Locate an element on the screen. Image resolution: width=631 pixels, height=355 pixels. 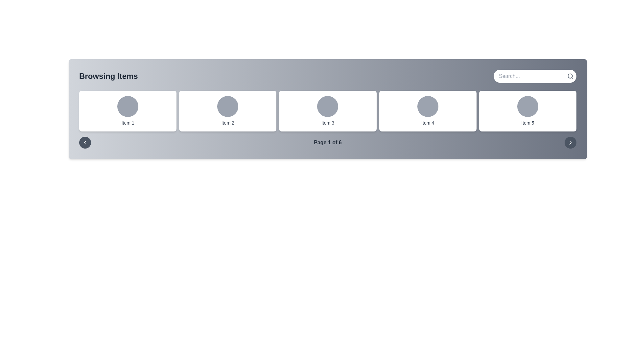
the Static Text Label that displays 'Item 2', which is positioned centrally below a circular placeholder image in a card-based layout is located at coordinates (228, 123).